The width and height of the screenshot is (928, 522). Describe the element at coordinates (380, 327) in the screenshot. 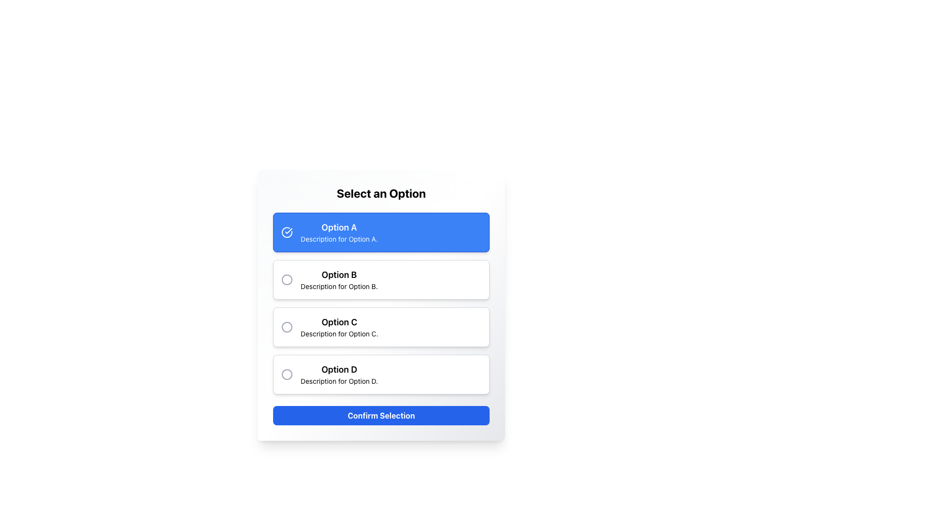

I see `to select the third card-style option in the vertical list of selectable options in the form or survey` at that location.